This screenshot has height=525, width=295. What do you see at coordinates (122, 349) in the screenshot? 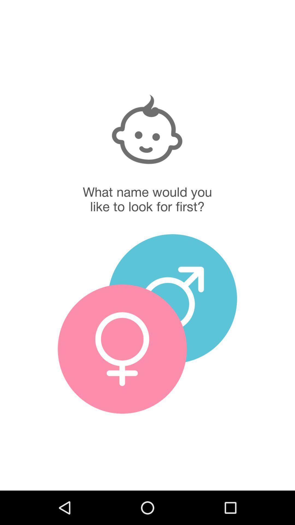
I see `girl` at bounding box center [122, 349].